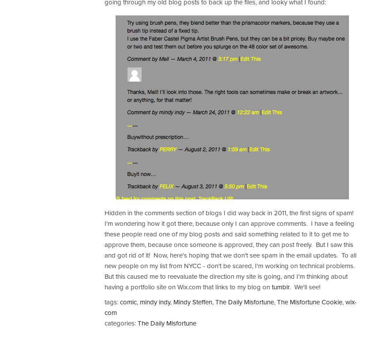  I want to click on 'wix-com', so click(104, 307).